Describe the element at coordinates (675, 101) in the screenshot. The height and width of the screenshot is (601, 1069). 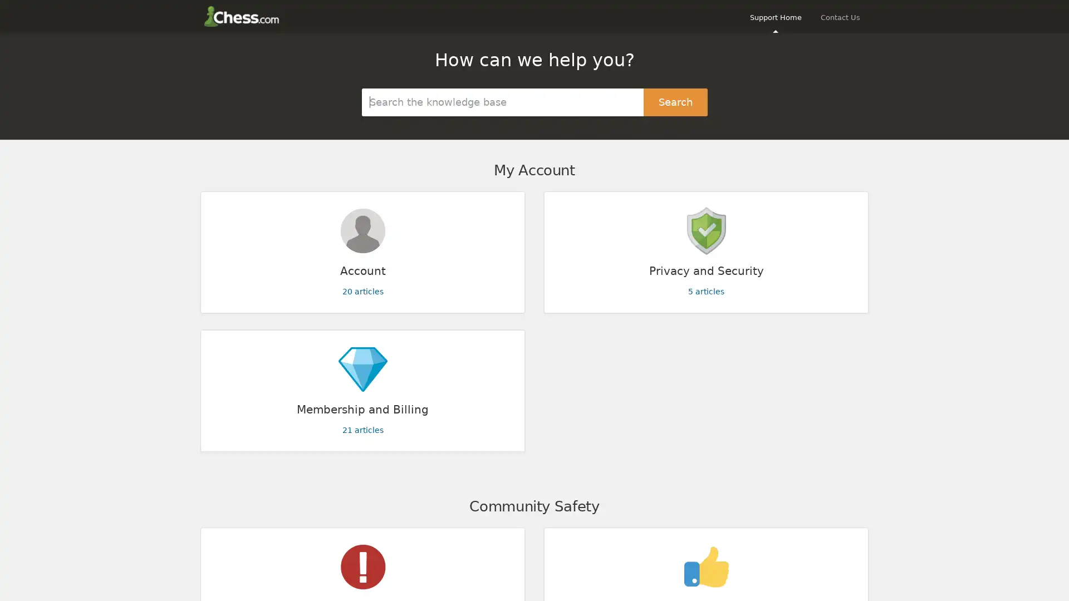
I see `Search` at that location.